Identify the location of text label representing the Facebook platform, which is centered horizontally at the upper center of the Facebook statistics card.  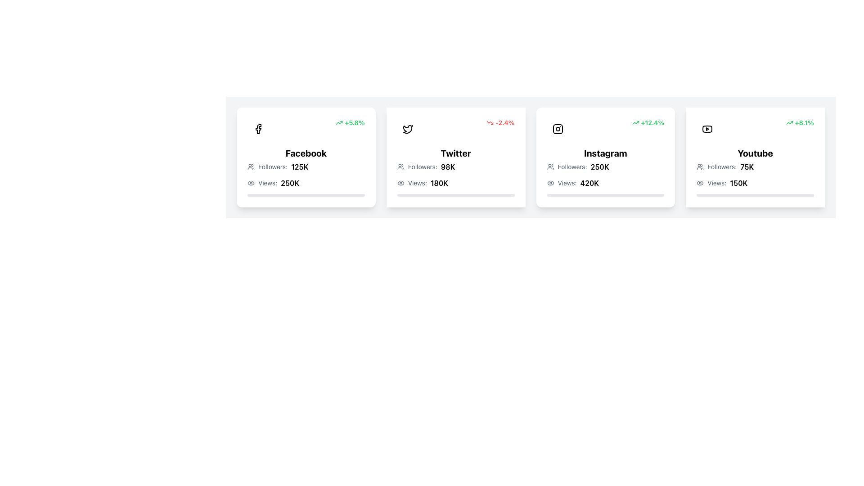
(306, 153).